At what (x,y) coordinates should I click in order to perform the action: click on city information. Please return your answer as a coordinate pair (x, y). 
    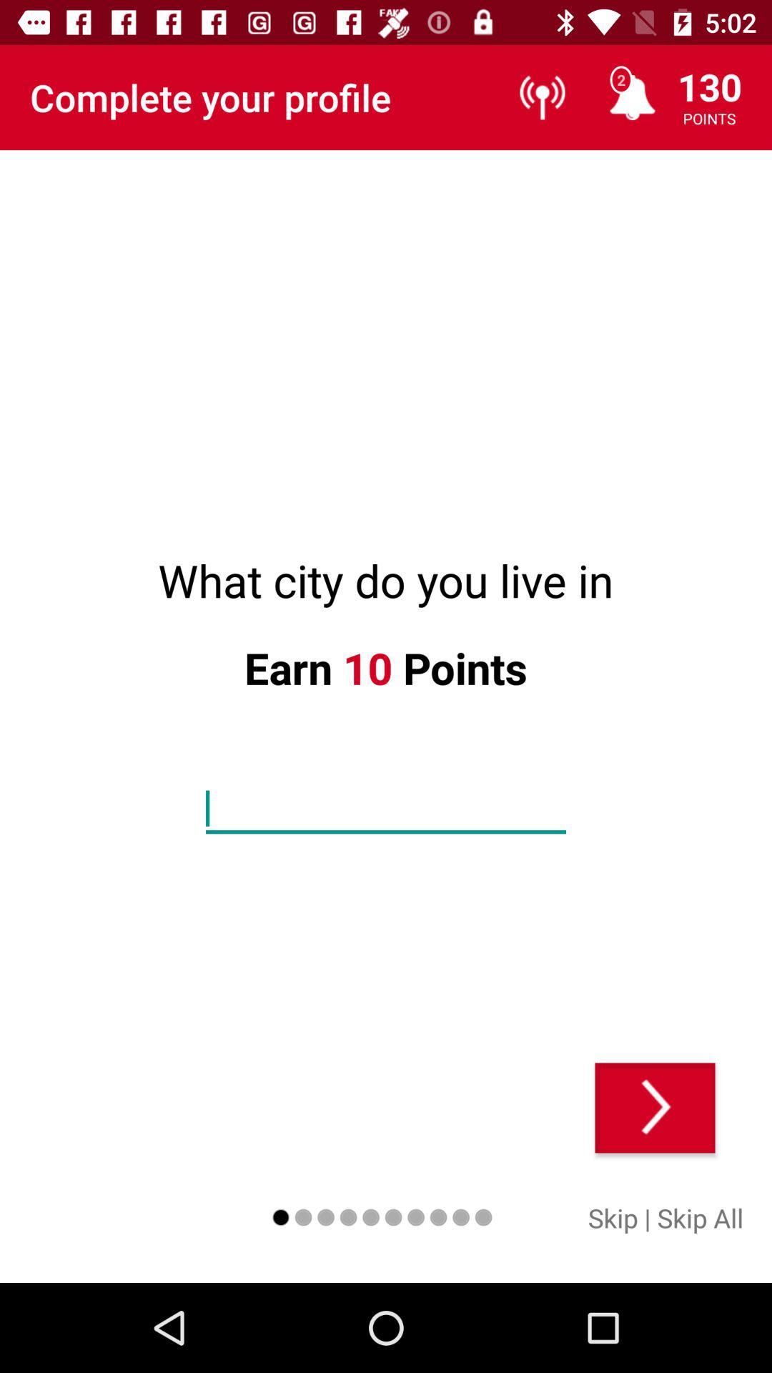
    Looking at the image, I should click on (386, 809).